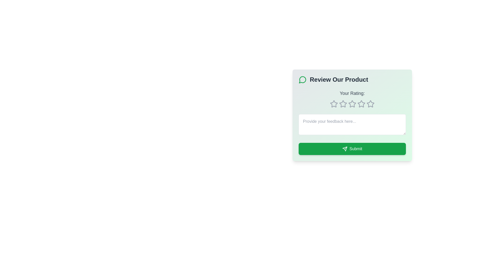 This screenshot has width=488, height=274. I want to click on the green 'Submit' button which contains an icon indicating the action of submitting the form, so click(345, 148).